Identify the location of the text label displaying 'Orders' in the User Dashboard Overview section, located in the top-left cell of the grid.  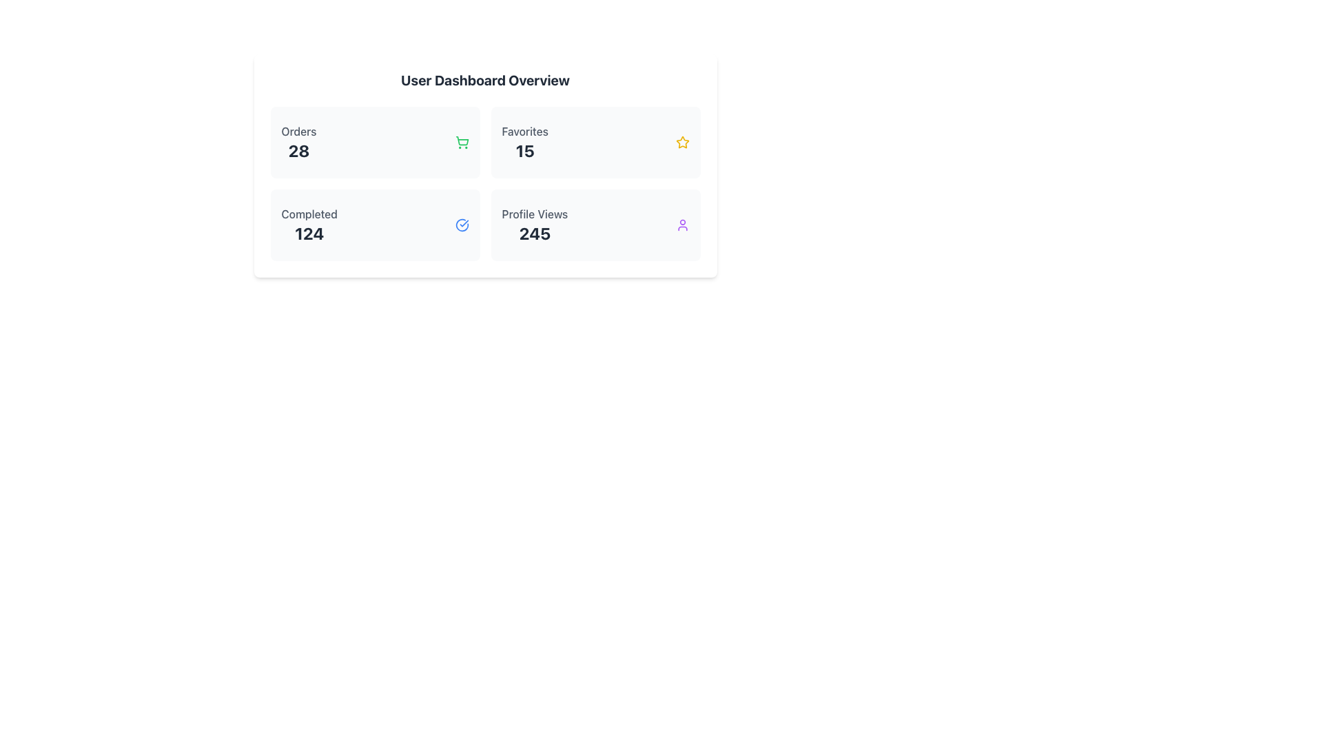
(298, 132).